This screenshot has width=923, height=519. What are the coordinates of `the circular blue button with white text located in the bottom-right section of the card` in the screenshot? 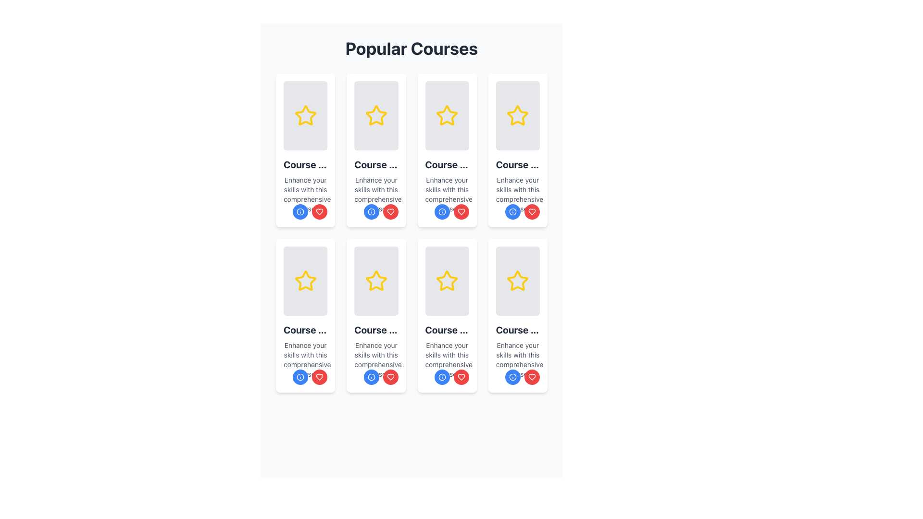 It's located at (441, 377).